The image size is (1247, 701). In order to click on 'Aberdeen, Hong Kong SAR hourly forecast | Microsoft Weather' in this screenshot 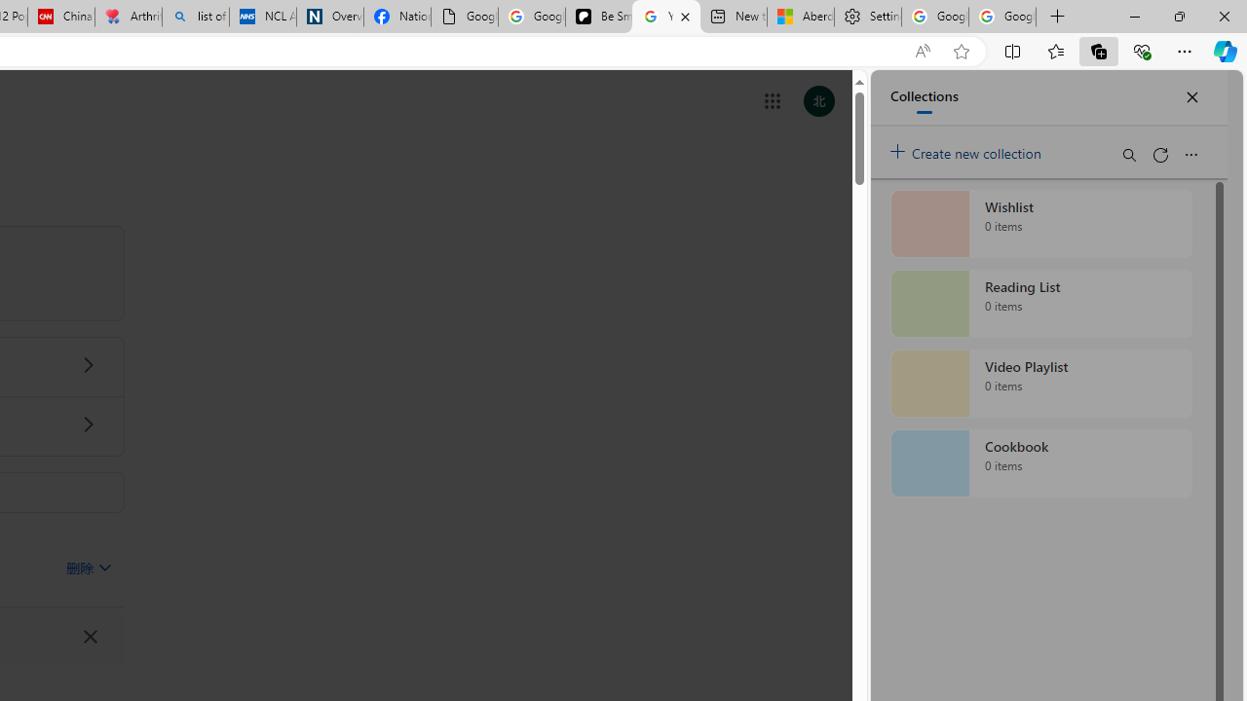, I will do `click(801, 17)`.